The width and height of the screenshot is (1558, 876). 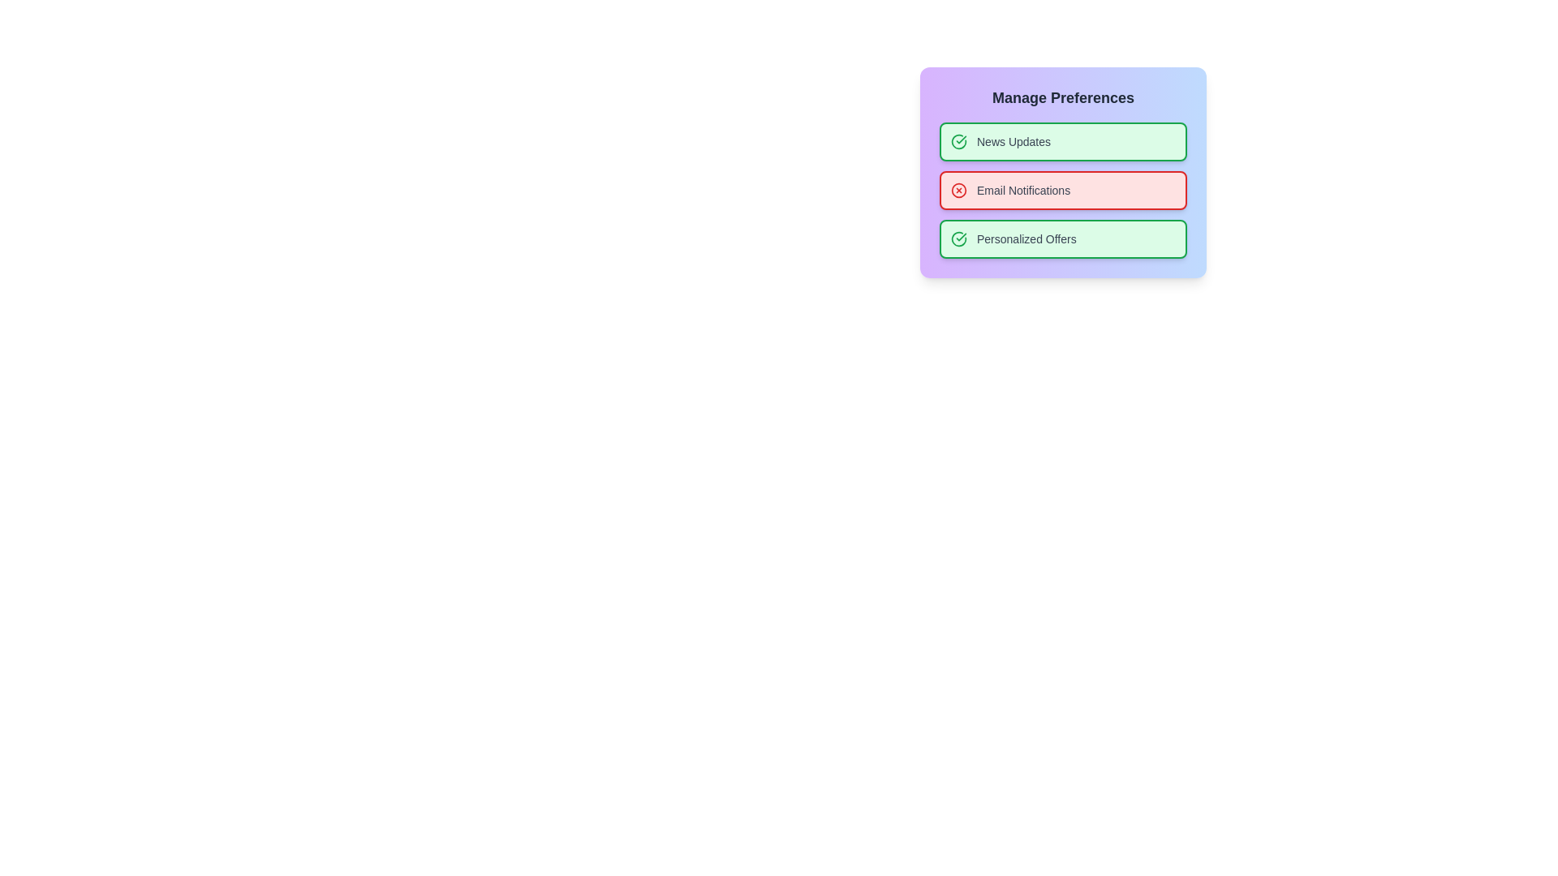 I want to click on the preference item Email Notifications to toggle its state, so click(x=1063, y=190).